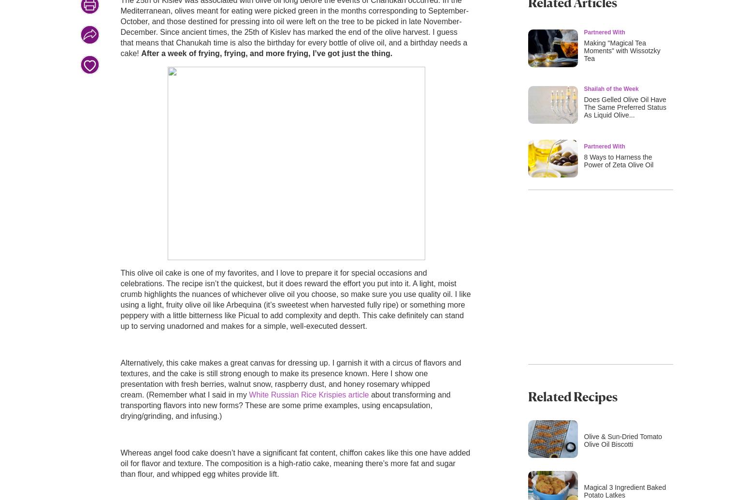  I want to click on 'Olive & Sun-Dried Tomato Olive Oil Biscotti', so click(622, 440).